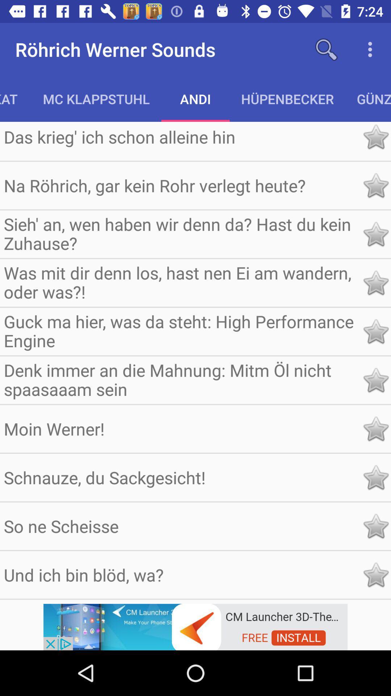 The width and height of the screenshot is (391, 696). What do you see at coordinates (195, 626) in the screenshot?
I see `open advertisement` at bounding box center [195, 626].